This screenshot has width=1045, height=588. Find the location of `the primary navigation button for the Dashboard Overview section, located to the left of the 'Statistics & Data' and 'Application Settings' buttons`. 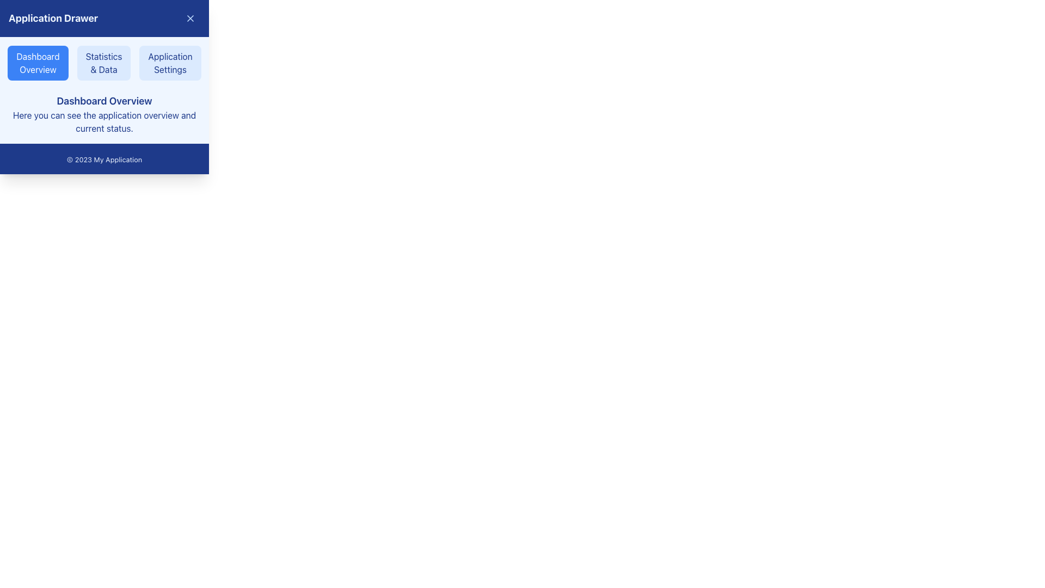

the primary navigation button for the Dashboard Overview section, located to the left of the 'Statistics & Data' and 'Application Settings' buttons is located at coordinates (38, 63).